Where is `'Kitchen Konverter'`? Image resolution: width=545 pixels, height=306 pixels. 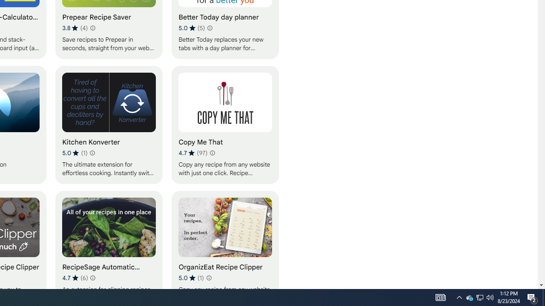
'Kitchen Konverter' is located at coordinates (109, 125).